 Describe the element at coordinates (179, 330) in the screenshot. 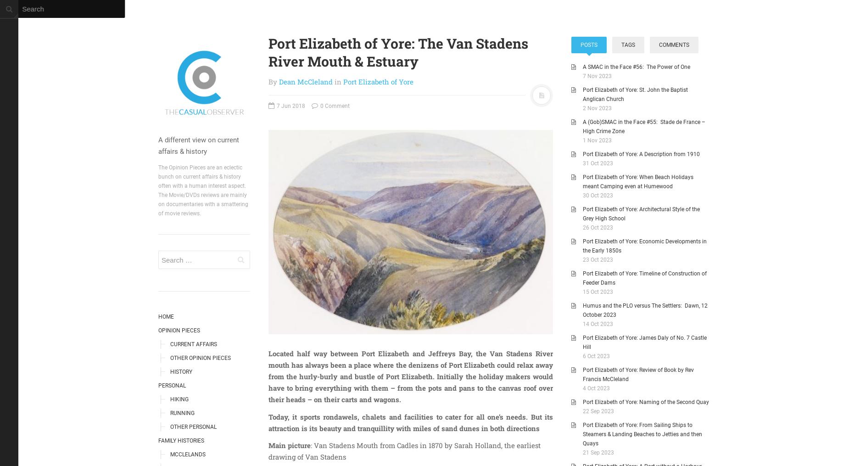

I see `'Opinion Pieces'` at that location.